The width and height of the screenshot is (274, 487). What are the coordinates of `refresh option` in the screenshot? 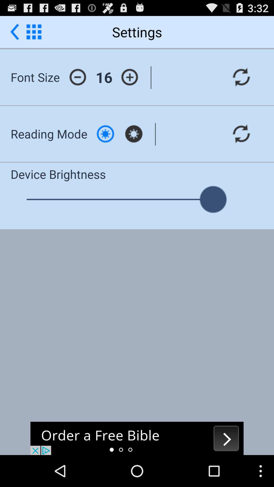 It's located at (241, 134).